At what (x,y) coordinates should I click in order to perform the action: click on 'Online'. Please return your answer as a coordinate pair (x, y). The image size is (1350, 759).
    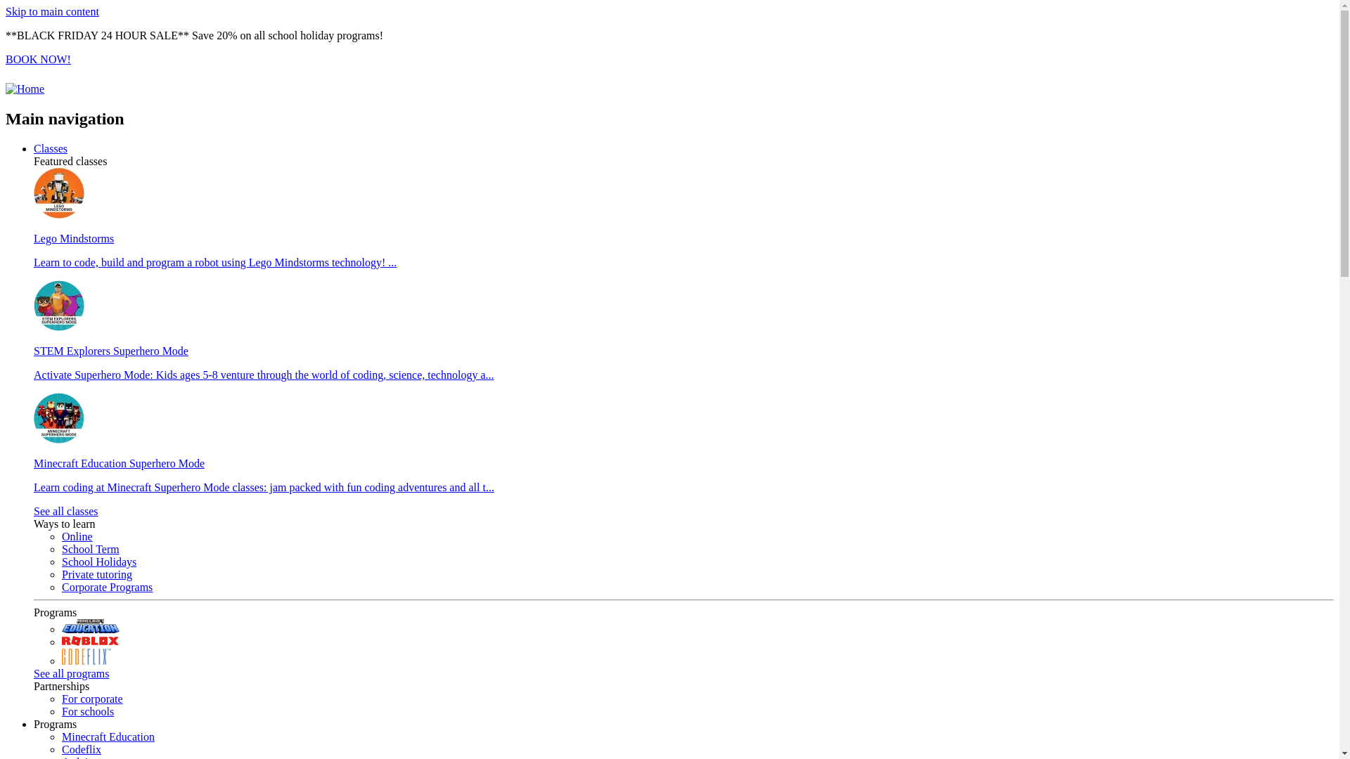
    Looking at the image, I should click on (77, 536).